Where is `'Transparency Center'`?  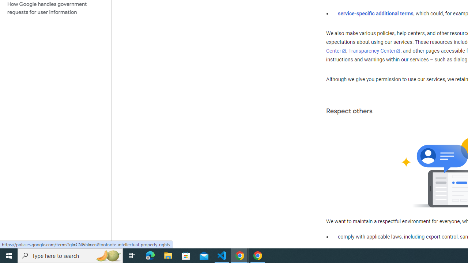 'Transparency Center' is located at coordinates (374, 51).